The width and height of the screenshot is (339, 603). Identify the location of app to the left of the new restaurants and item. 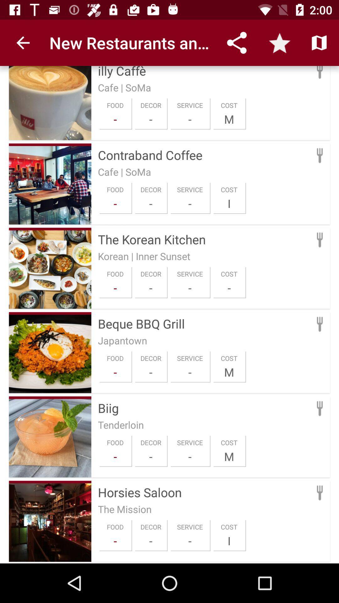
(23, 42).